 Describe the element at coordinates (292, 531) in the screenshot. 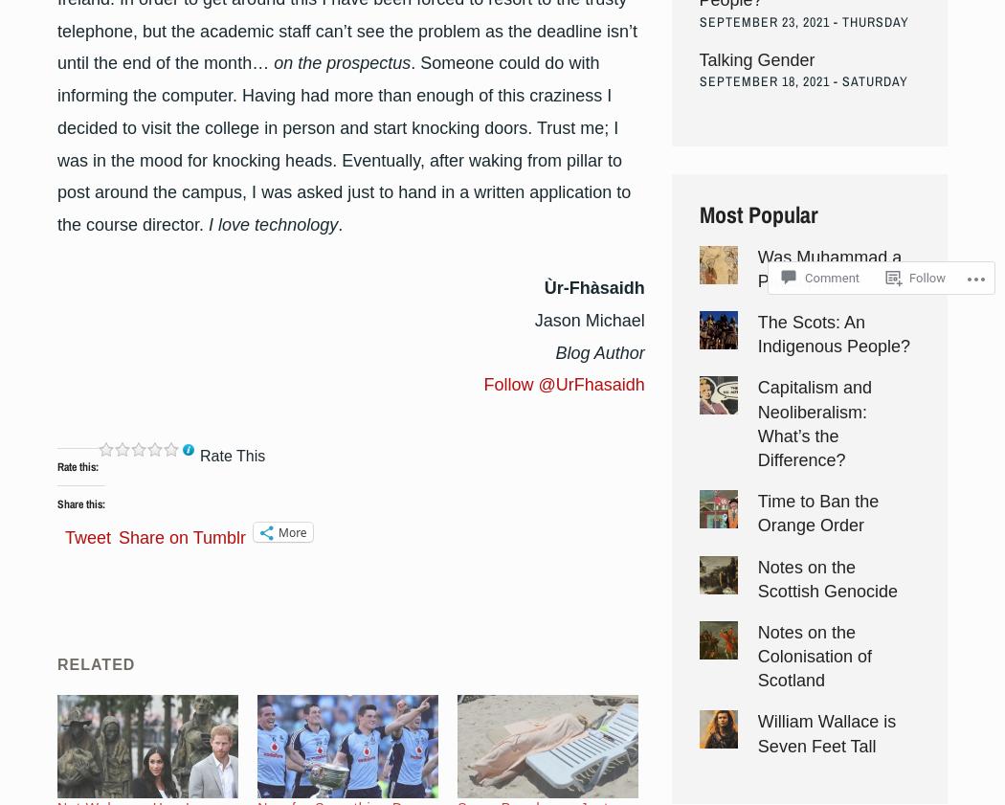

I see `'More'` at that location.